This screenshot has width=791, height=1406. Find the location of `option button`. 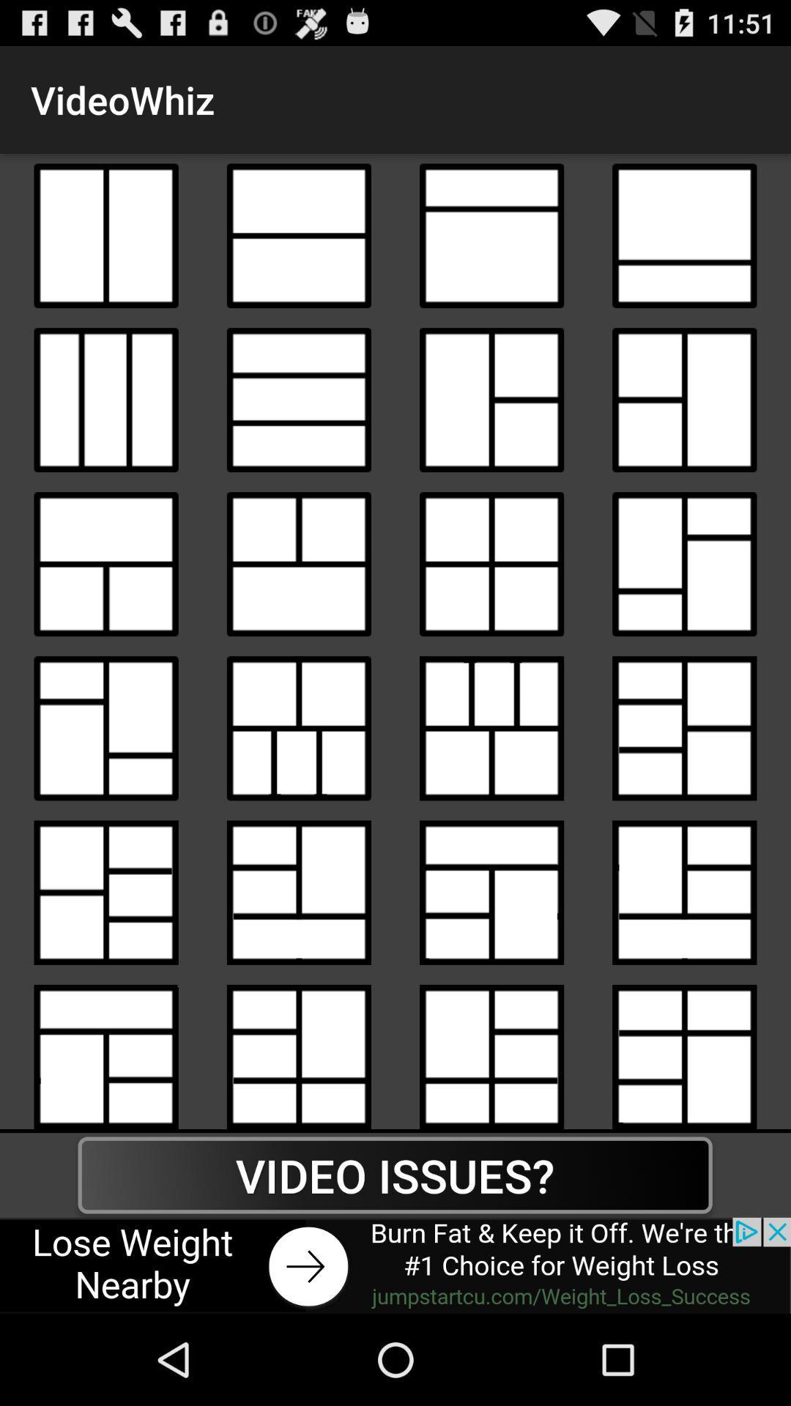

option button is located at coordinates (298, 563).